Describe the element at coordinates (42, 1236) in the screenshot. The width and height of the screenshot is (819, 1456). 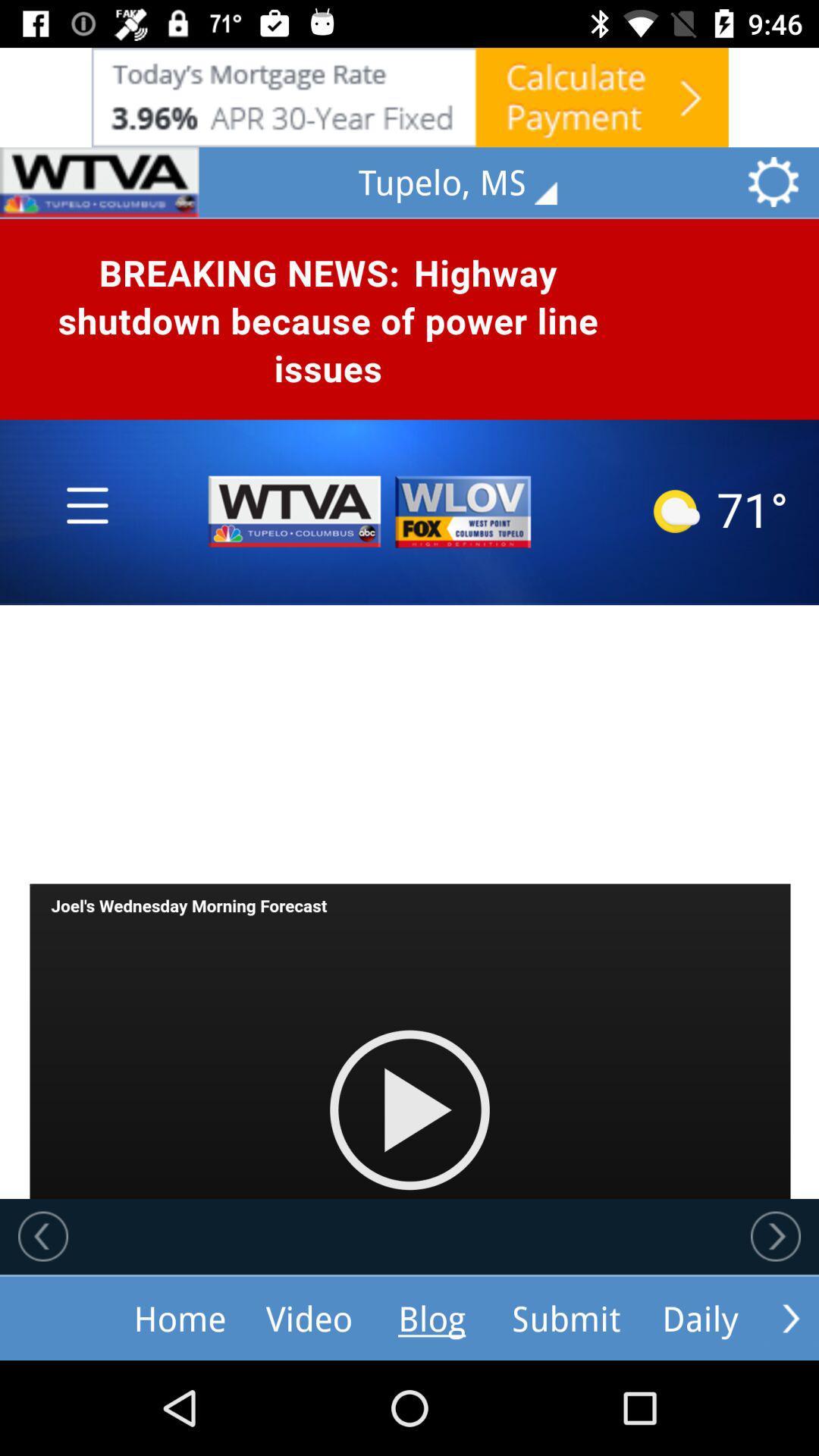
I see `back option` at that location.